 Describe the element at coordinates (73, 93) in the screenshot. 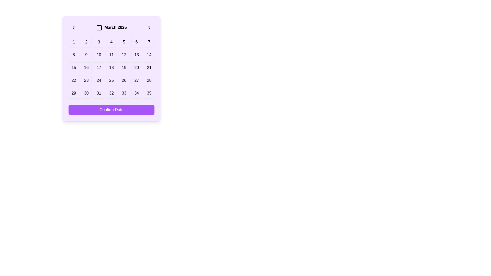

I see `the square button labeled '29' located in the 5th row and the 1st column of the grid layout` at that location.